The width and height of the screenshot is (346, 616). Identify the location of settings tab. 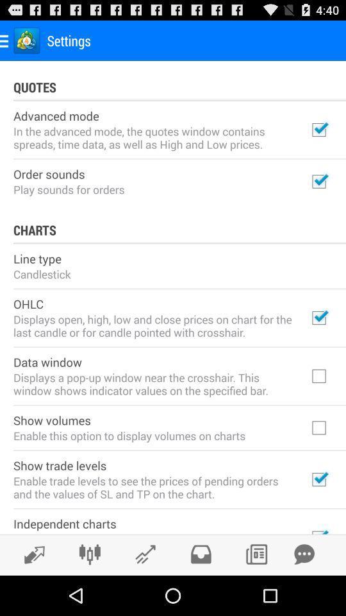
(89, 554).